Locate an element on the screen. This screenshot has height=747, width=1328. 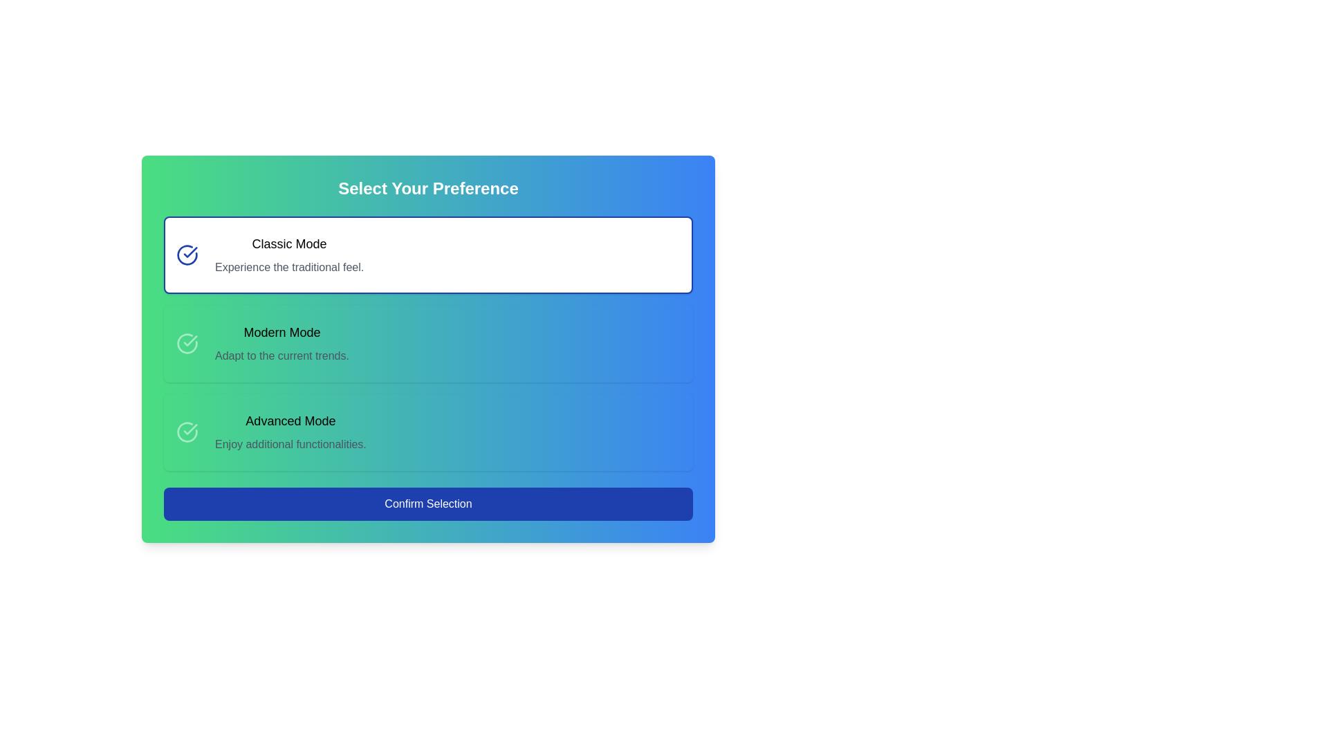
the decorative graphical element within the 'Advanced Mode' section of the SVG icon that features a hollow circular outline with a styled stroke is located at coordinates (186, 431).